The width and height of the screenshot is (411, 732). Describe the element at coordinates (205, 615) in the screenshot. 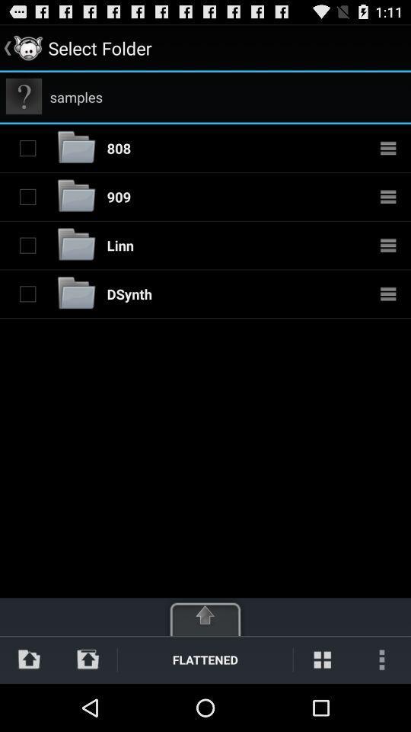

I see `expand tab icon` at that location.